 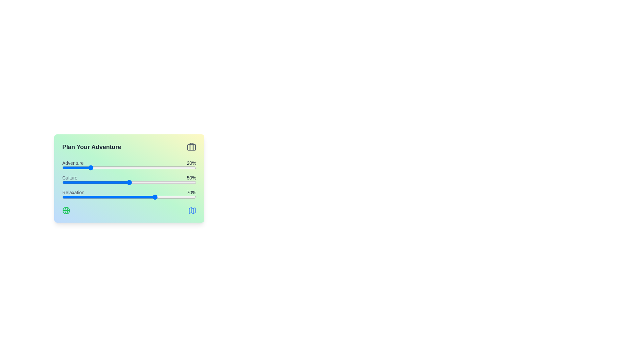 What do you see at coordinates (139, 167) in the screenshot?
I see `the 'Adventure' slider to 58%` at bounding box center [139, 167].